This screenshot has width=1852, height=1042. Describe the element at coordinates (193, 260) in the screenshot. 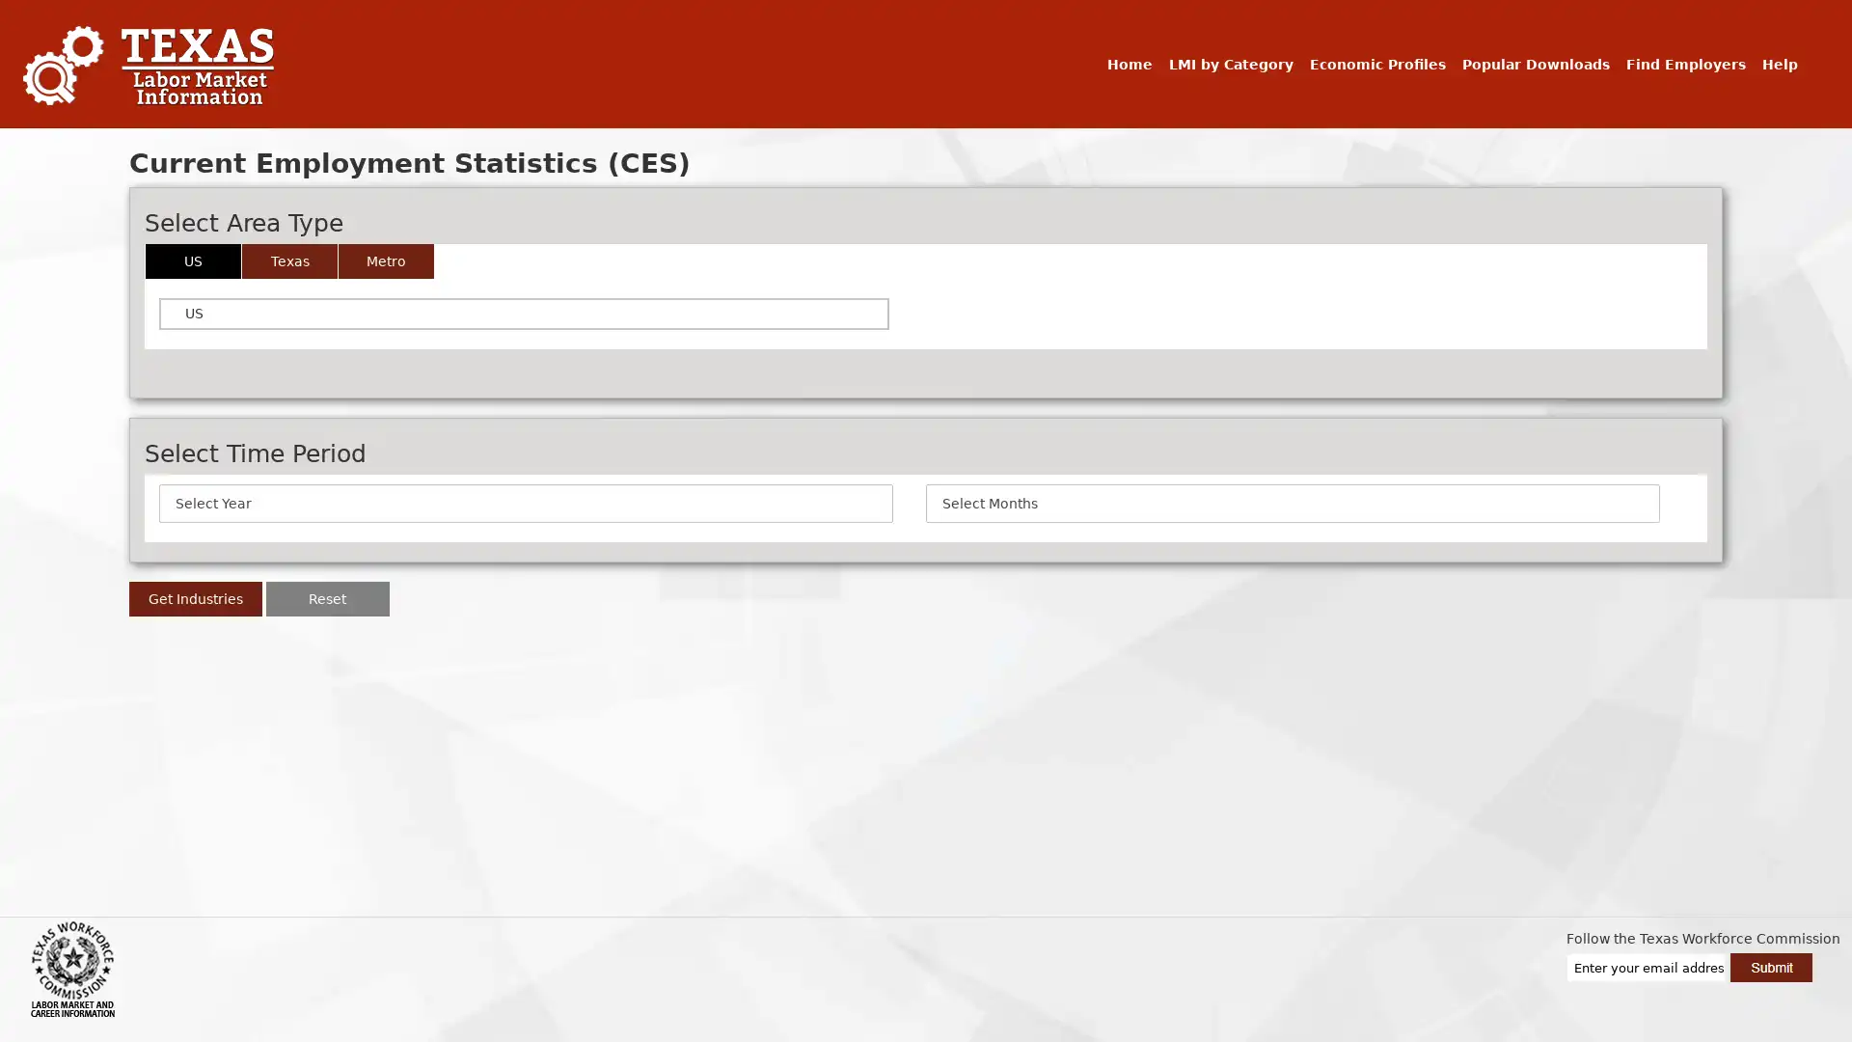

I see `US` at that location.